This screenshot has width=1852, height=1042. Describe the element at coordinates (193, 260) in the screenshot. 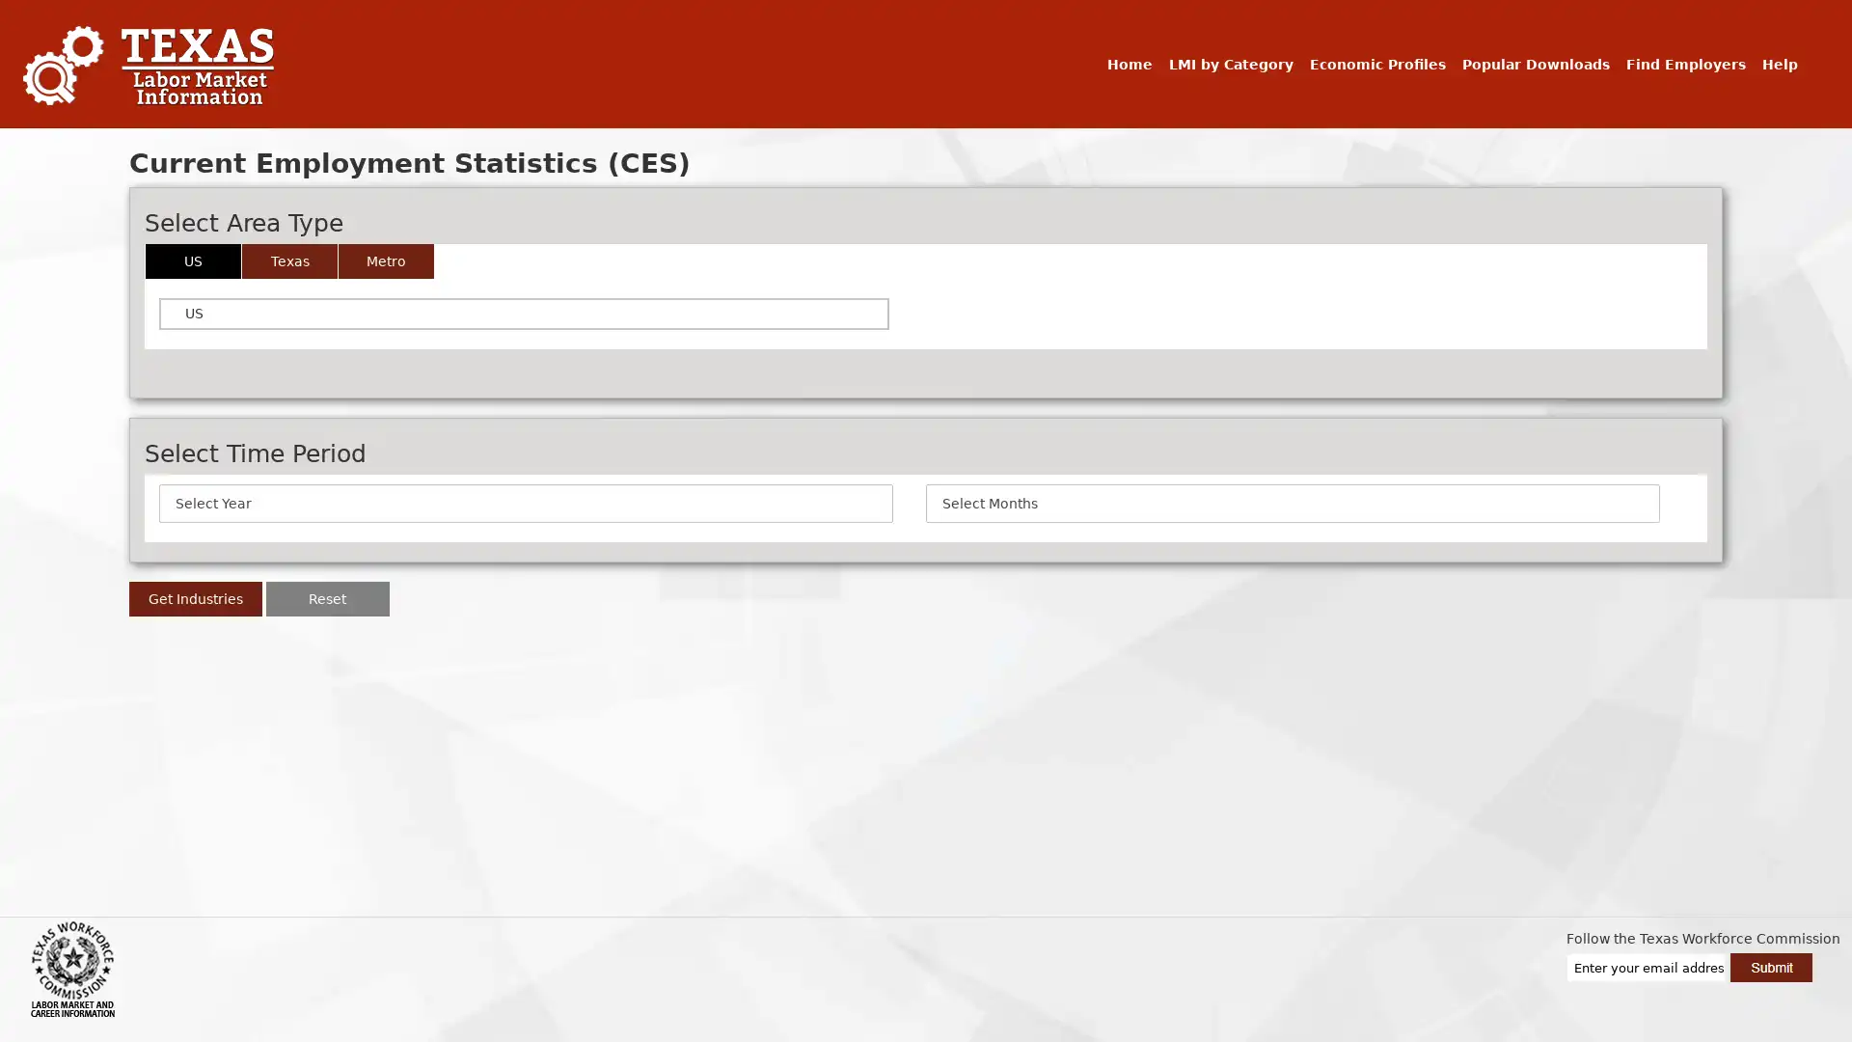

I see `US` at that location.